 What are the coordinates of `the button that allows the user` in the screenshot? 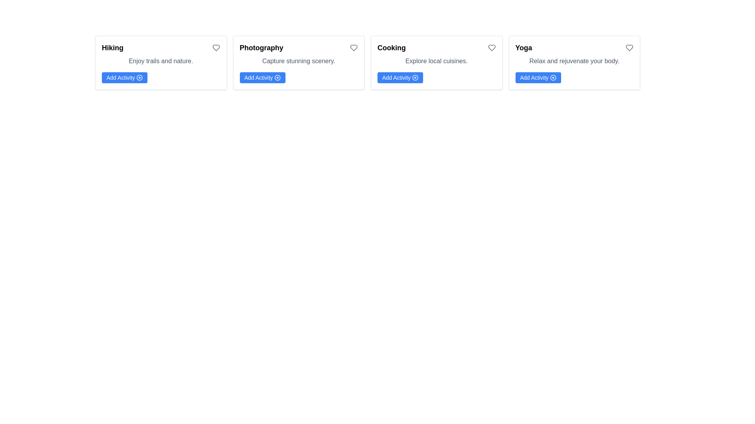 It's located at (262, 77).